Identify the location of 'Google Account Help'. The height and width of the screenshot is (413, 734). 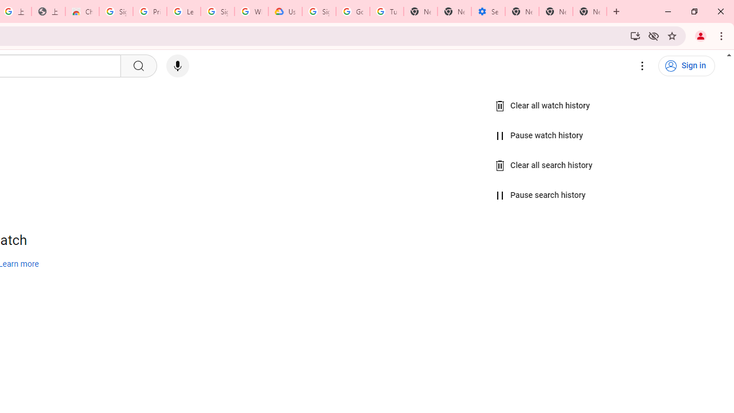
(352, 11).